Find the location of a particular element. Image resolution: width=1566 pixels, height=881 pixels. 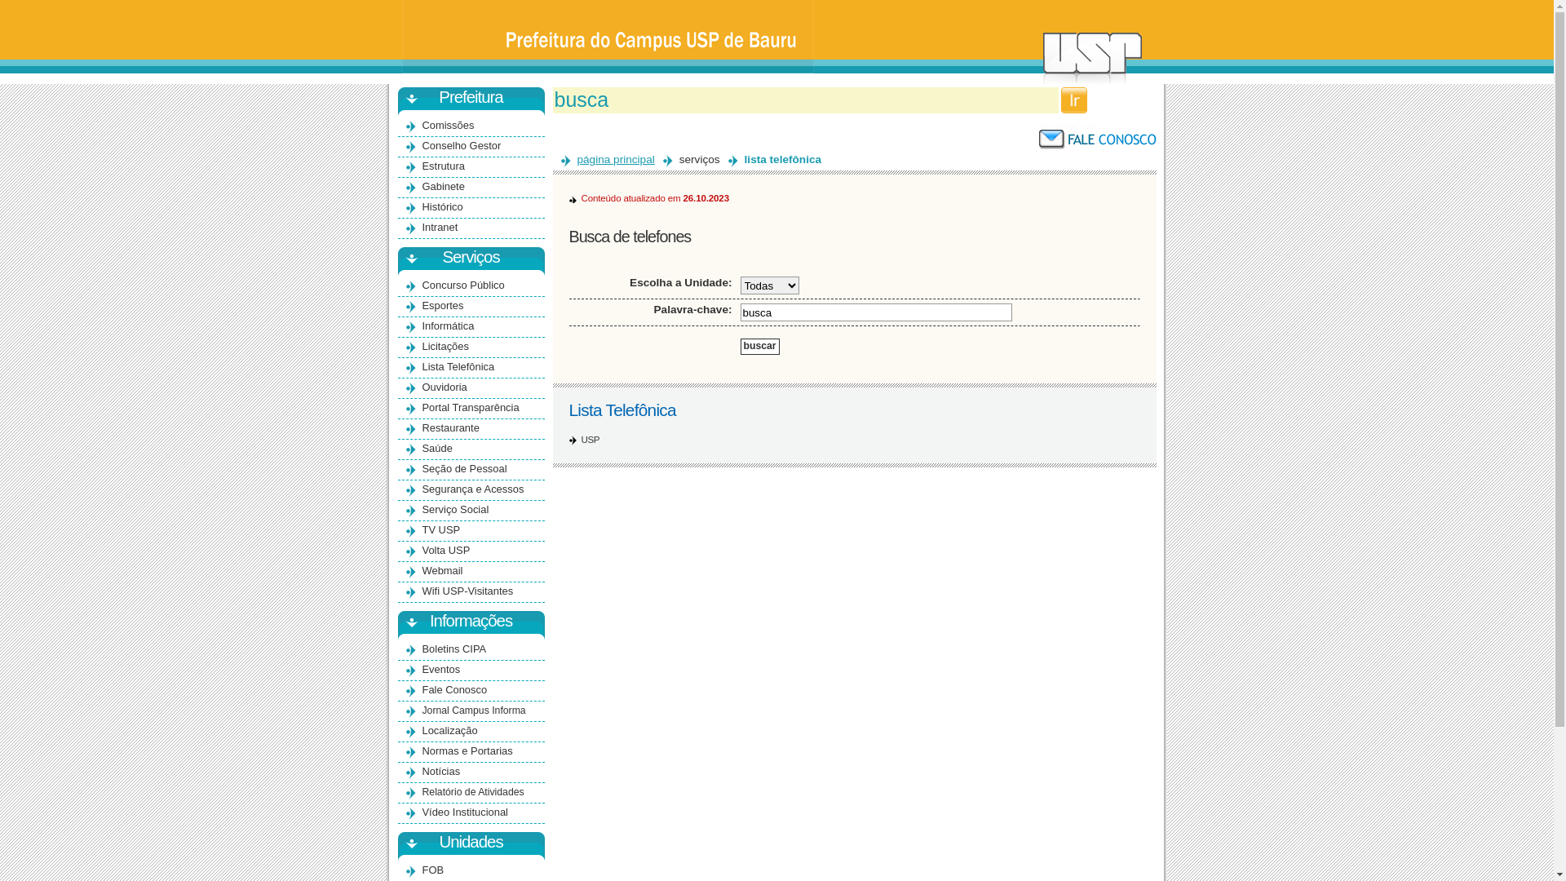

'Intranet' is located at coordinates (440, 227).